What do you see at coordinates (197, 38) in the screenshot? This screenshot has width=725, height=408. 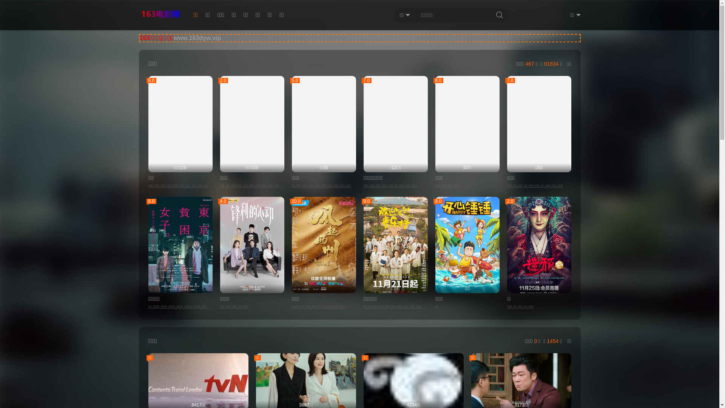 I see `'www.163dyw.vip'` at bounding box center [197, 38].